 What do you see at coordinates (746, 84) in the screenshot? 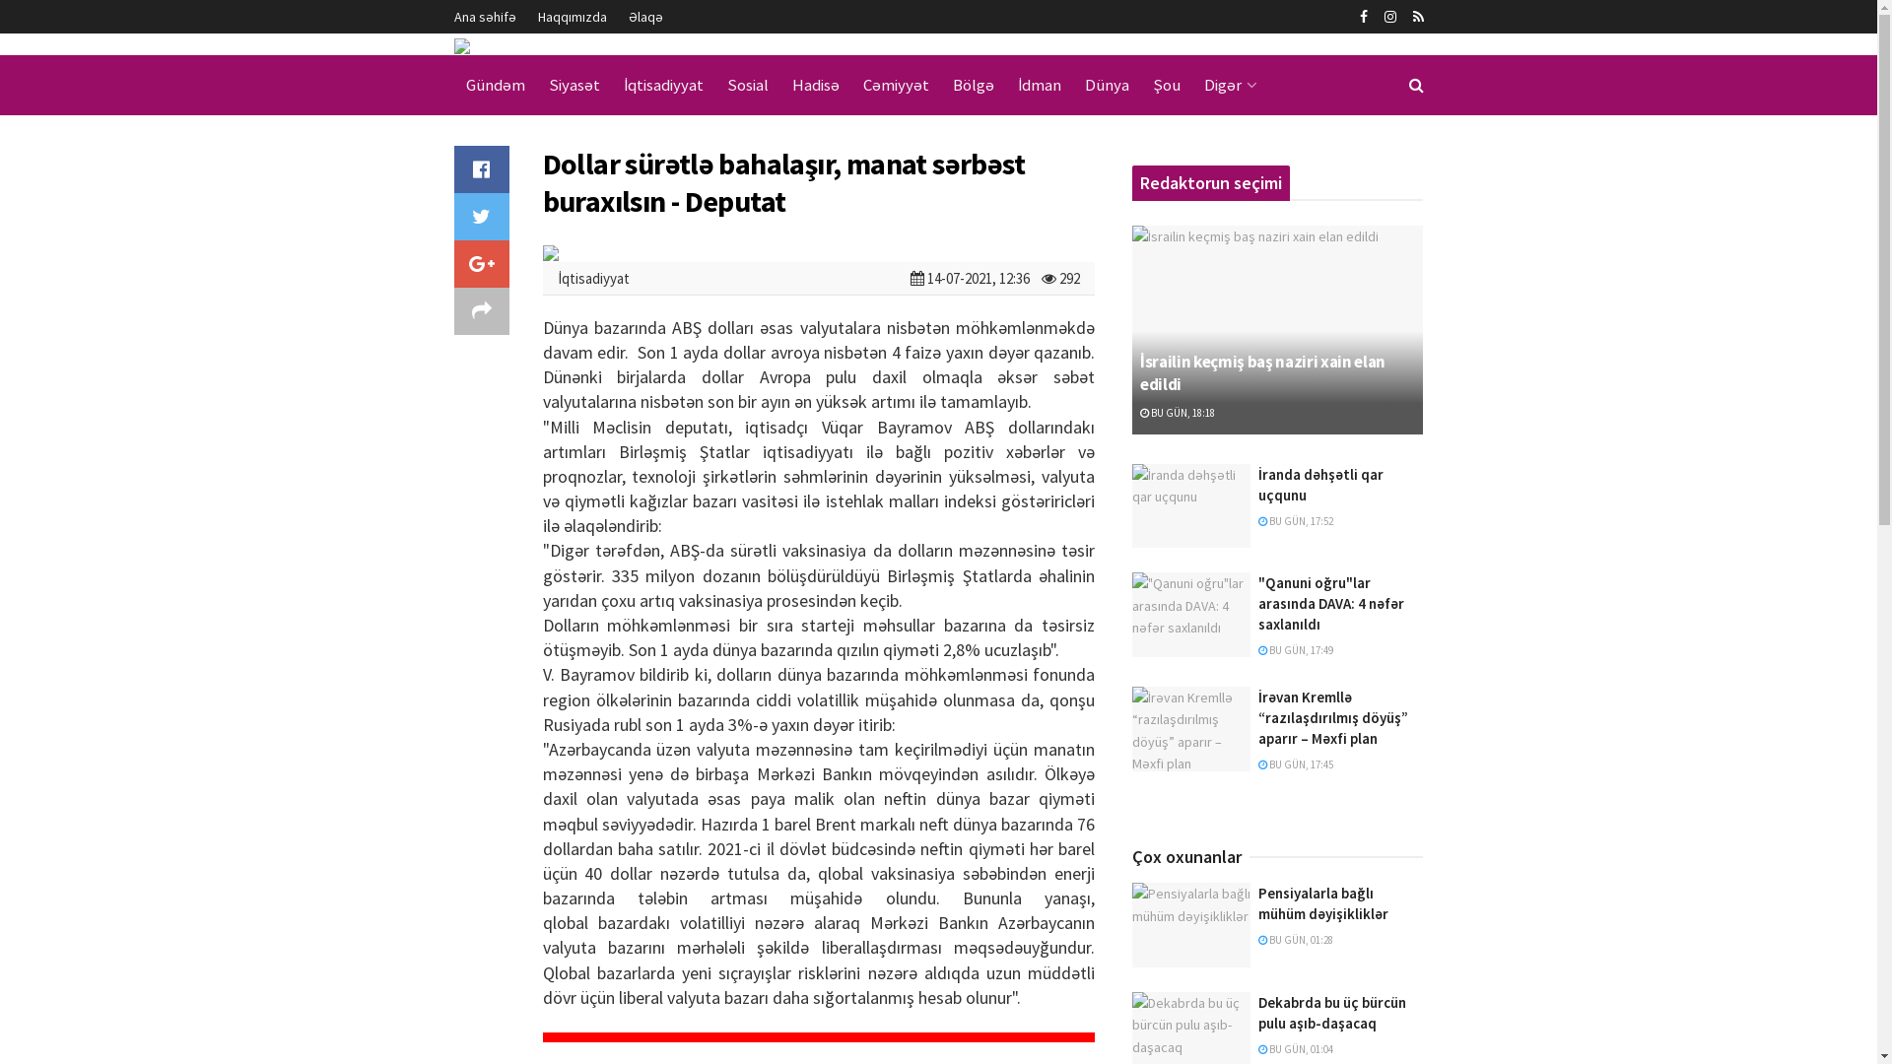
I see `'Sosial'` at bounding box center [746, 84].